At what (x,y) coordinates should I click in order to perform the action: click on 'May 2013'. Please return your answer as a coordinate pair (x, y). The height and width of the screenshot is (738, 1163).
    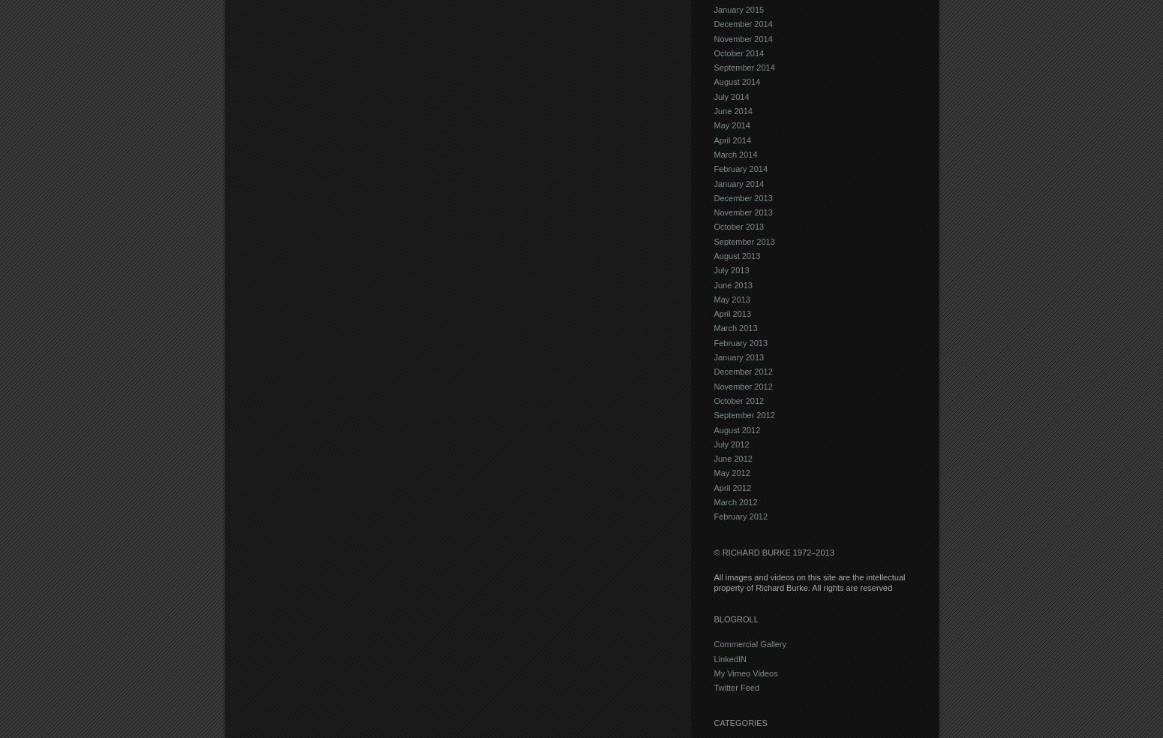
    Looking at the image, I should click on (730, 298).